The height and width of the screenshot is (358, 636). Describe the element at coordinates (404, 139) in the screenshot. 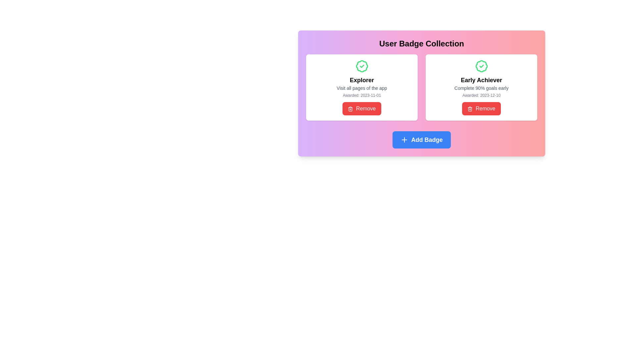

I see `the 'Add Badge' button that contains a small square icon with a plus symbol, located to the left of the button's text` at that location.